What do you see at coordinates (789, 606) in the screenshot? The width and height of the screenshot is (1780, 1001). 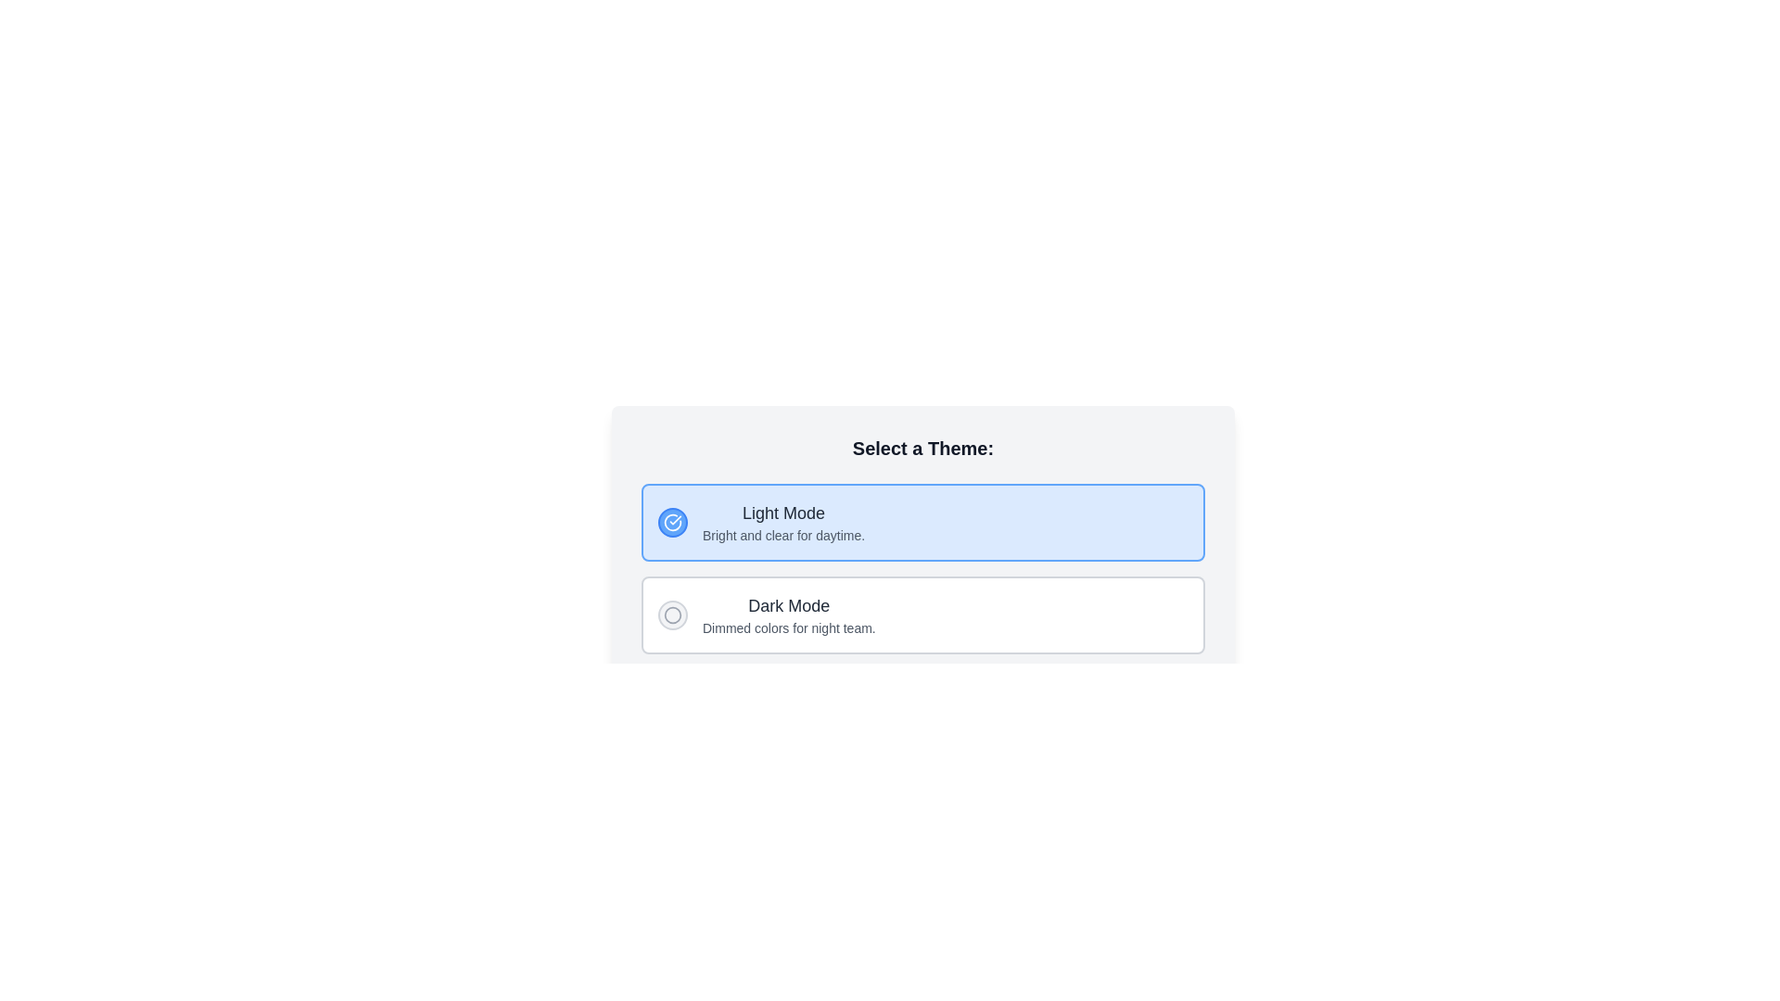 I see `the text label that serves as a title for the dark mode theme selection, located near the center of the lower half of the interface` at bounding box center [789, 606].